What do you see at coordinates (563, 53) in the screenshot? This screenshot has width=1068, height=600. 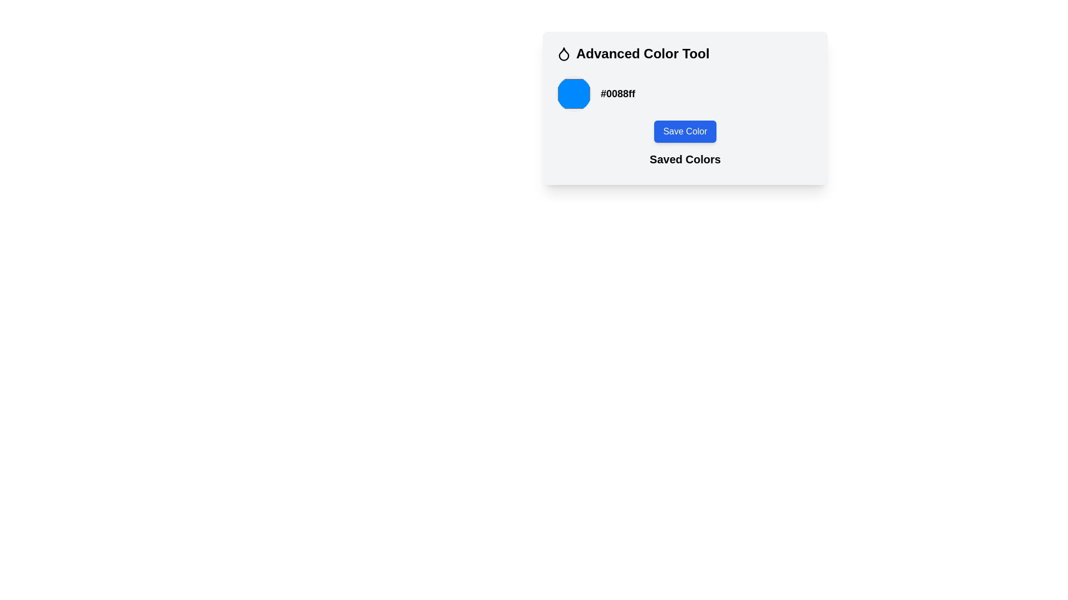 I see `the droplet-shaped icon outlined in black, located to the left of the title text 'Advanced Color Tool'` at bounding box center [563, 53].